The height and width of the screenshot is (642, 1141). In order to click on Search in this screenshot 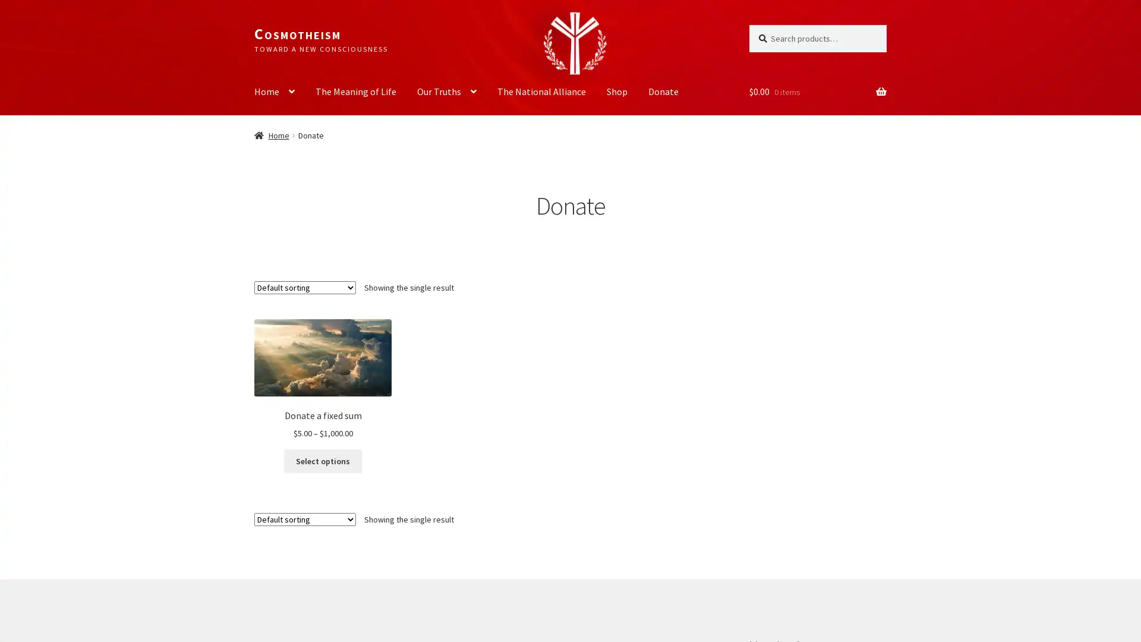, I will do `click(748, 24)`.